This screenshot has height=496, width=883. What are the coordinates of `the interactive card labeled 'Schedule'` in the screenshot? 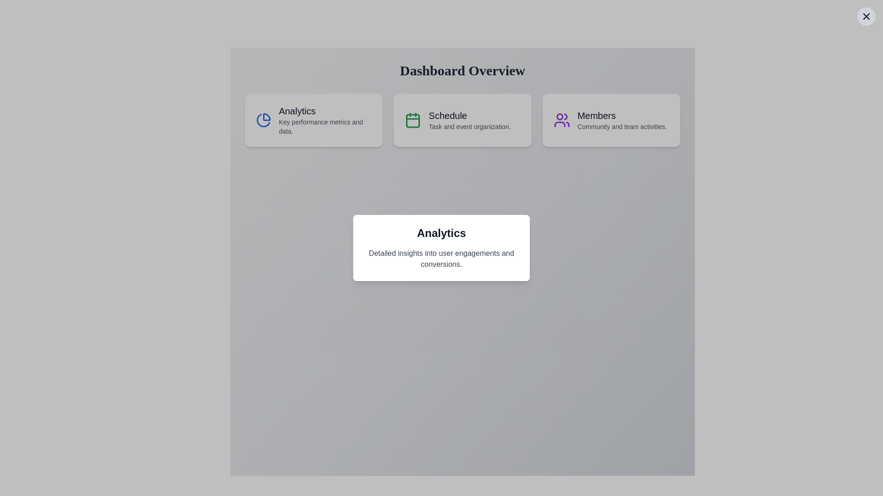 It's located at (463, 120).